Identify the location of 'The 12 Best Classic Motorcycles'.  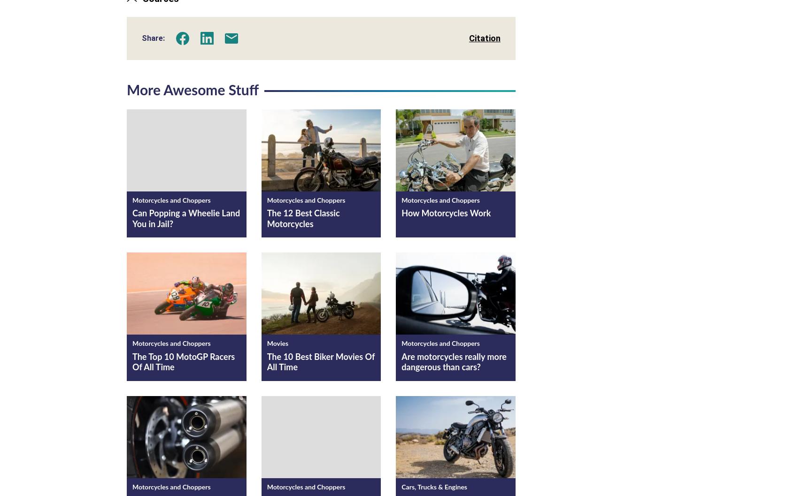
(303, 219).